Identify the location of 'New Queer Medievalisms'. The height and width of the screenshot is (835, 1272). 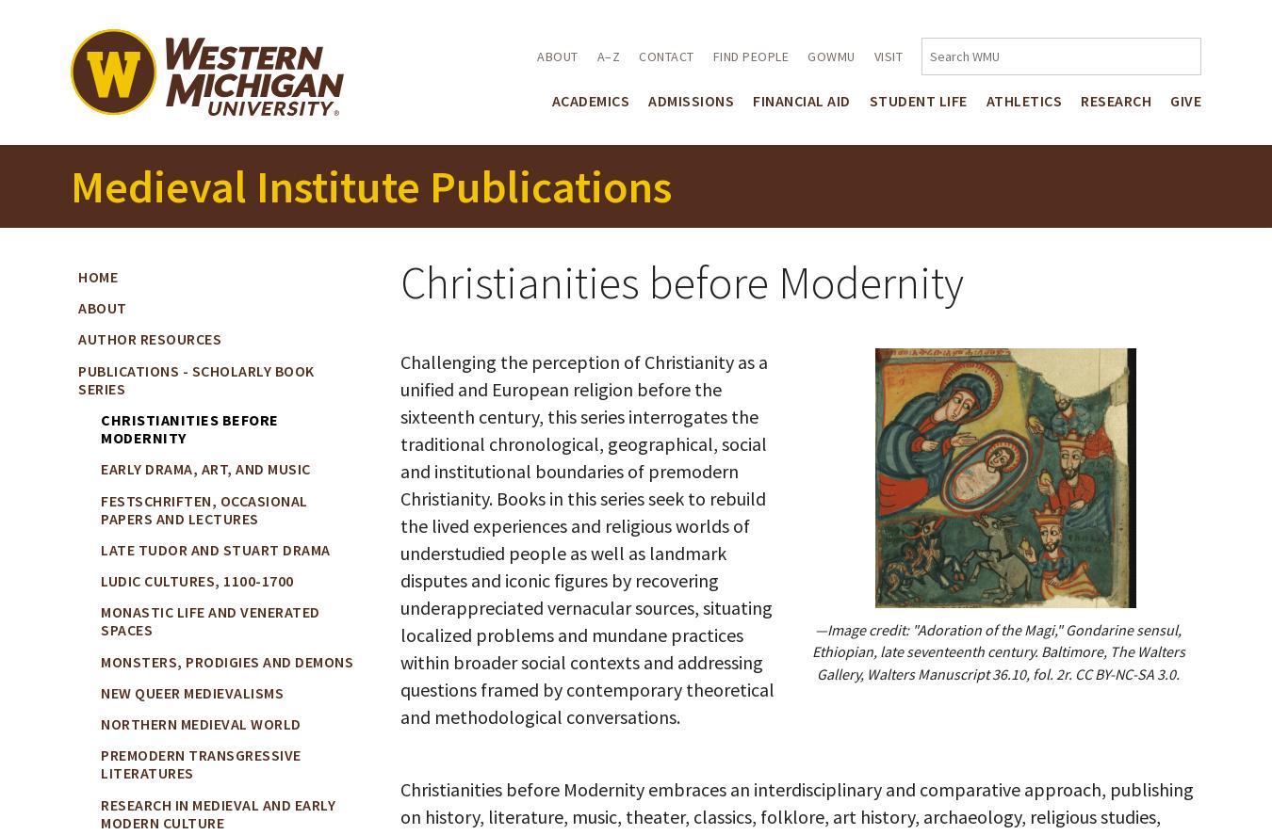
(100, 691).